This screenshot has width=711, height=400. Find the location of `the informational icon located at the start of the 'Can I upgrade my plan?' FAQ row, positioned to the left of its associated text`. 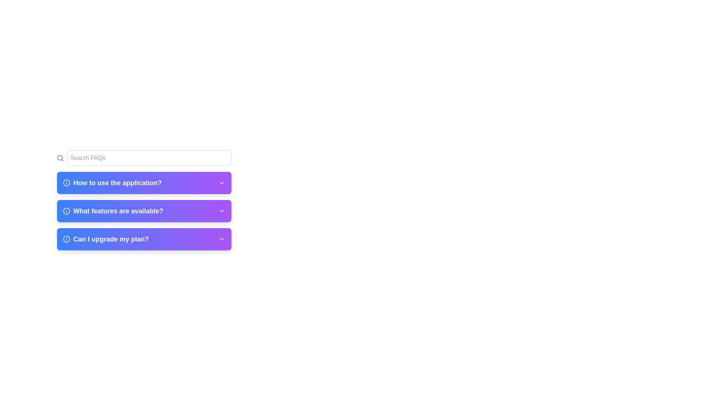

the informational icon located at the start of the 'Can I upgrade my plan?' FAQ row, positioned to the left of its associated text is located at coordinates (67, 239).